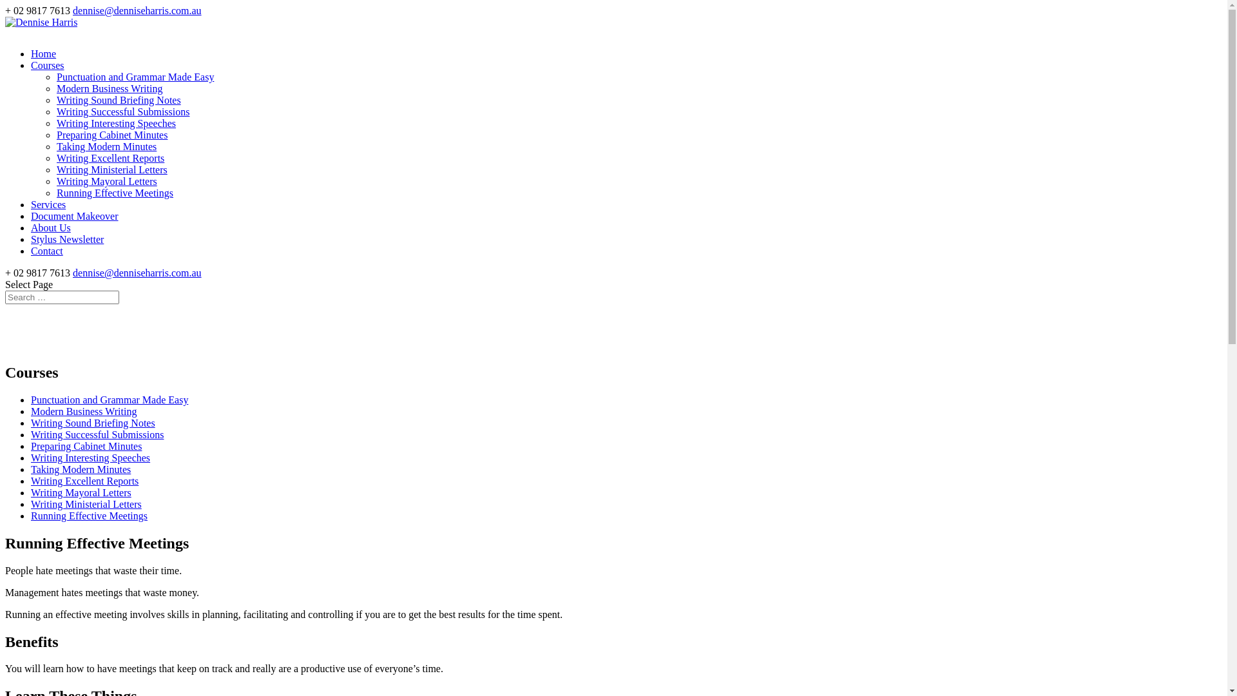 Image resolution: width=1237 pixels, height=696 pixels. What do you see at coordinates (80, 469) in the screenshot?
I see `'Taking Modern Minutes'` at bounding box center [80, 469].